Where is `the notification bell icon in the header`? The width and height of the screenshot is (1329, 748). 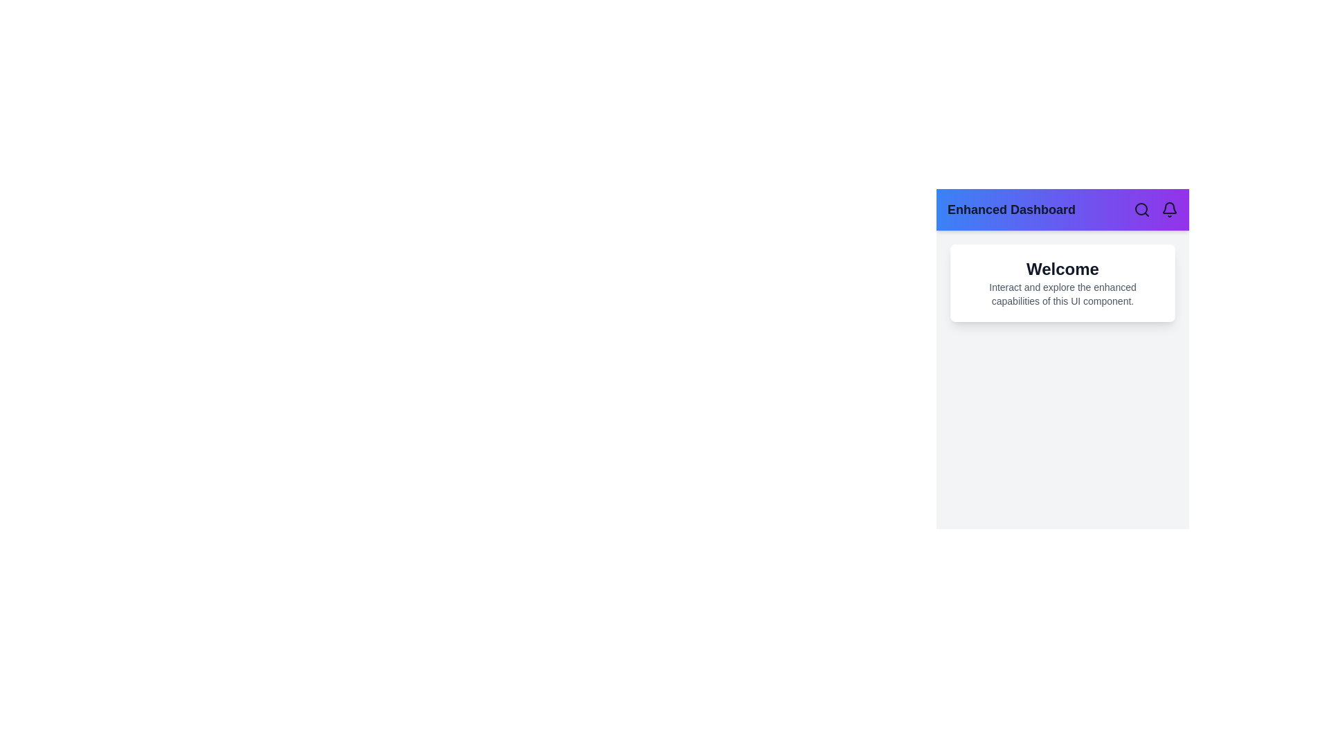 the notification bell icon in the header is located at coordinates (1168, 210).